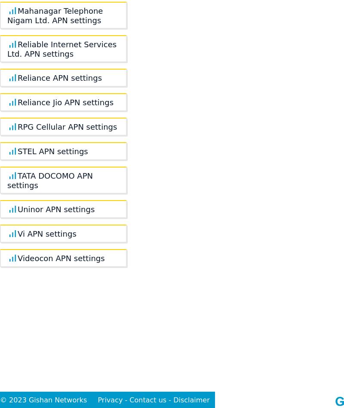  I want to click on 'Videocon APN settings', so click(61, 258).